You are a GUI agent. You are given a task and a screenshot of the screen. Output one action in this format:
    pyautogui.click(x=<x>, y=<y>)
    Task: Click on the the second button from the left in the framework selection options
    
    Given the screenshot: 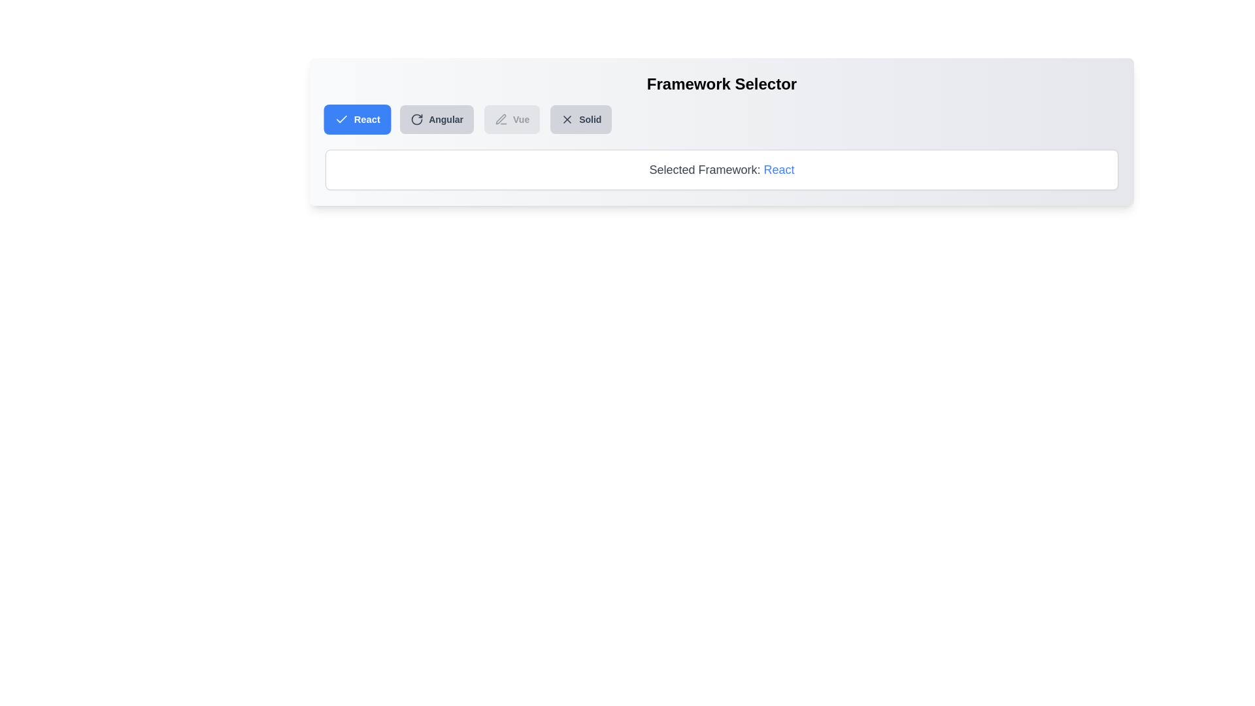 What is the action you would take?
    pyautogui.click(x=437, y=119)
    